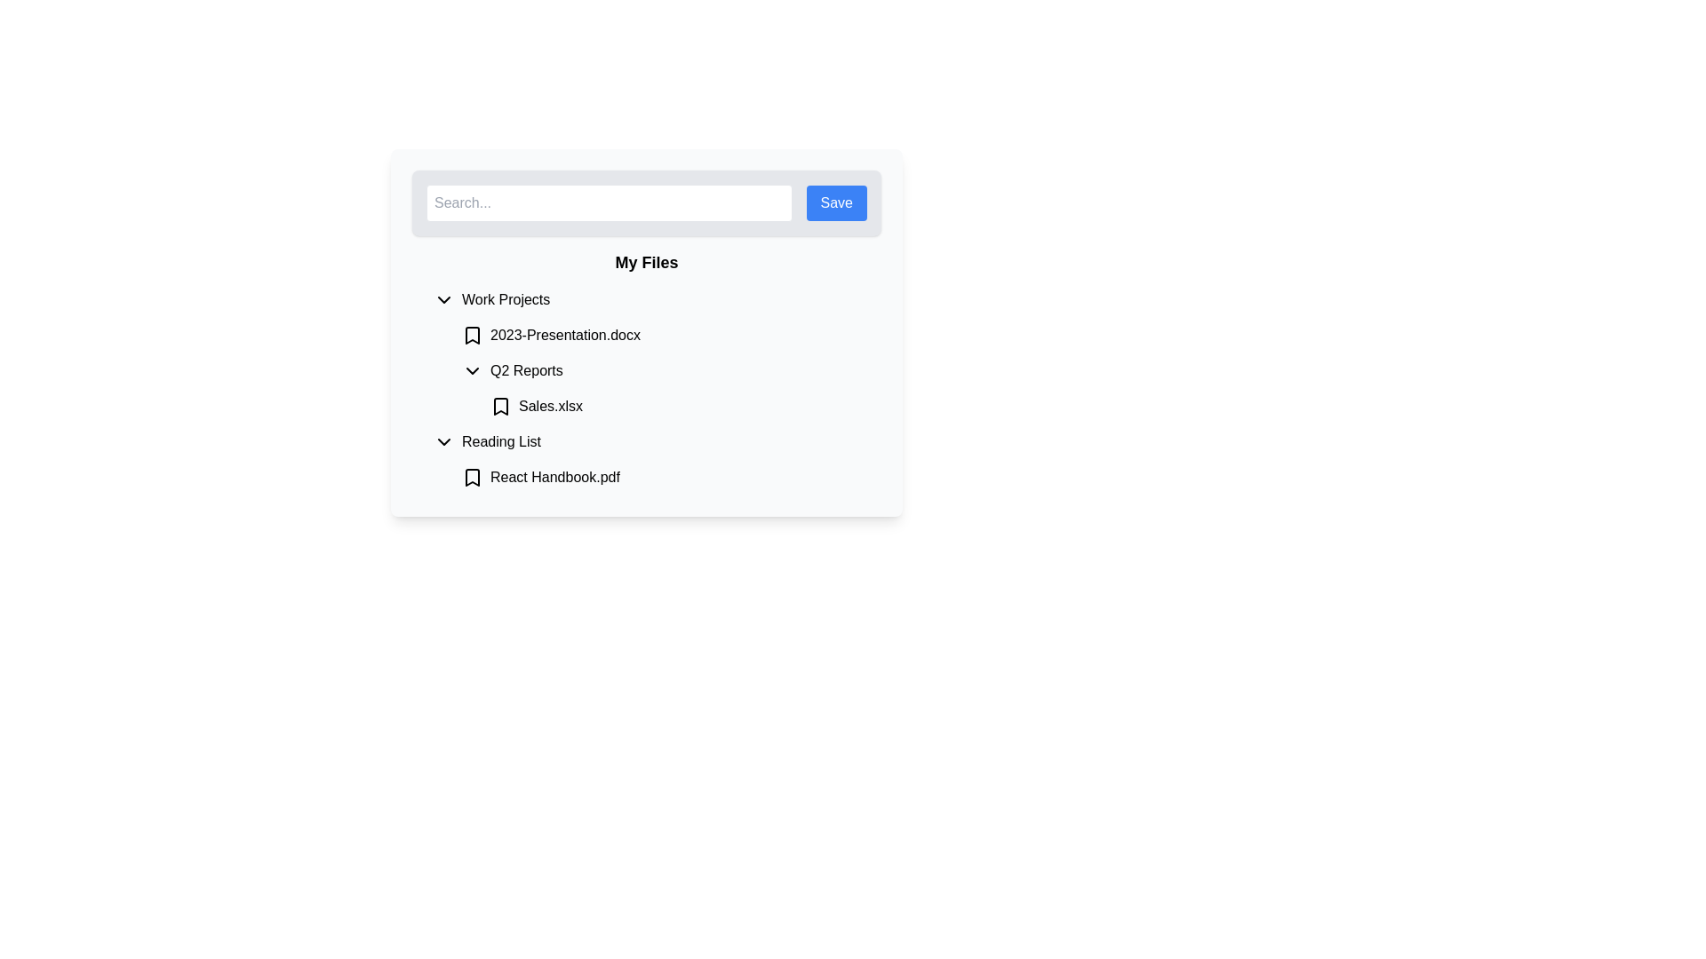  Describe the element at coordinates (646, 263) in the screenshot. I see `the static text element that serves as a title for the file management section, which is centrally located beneath the search bar and above the categorized items` at that location.